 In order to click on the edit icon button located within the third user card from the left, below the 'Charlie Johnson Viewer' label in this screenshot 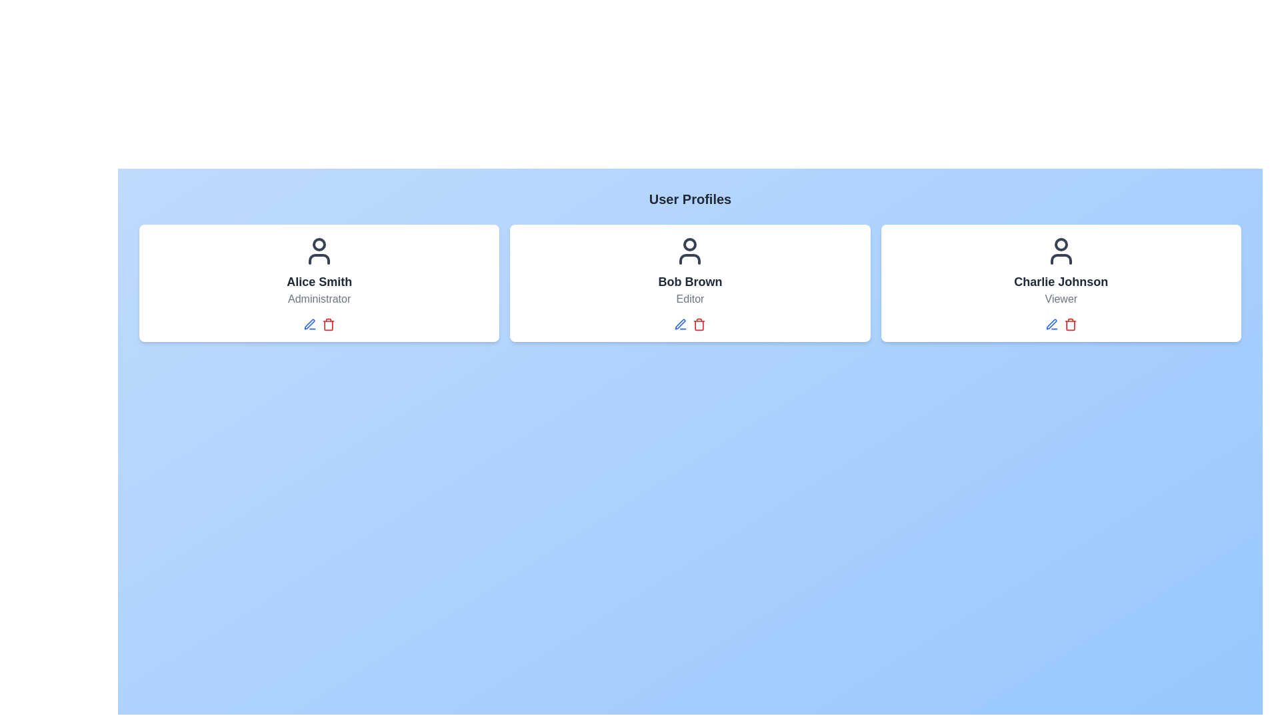, I will do `click(1051, 324)`.